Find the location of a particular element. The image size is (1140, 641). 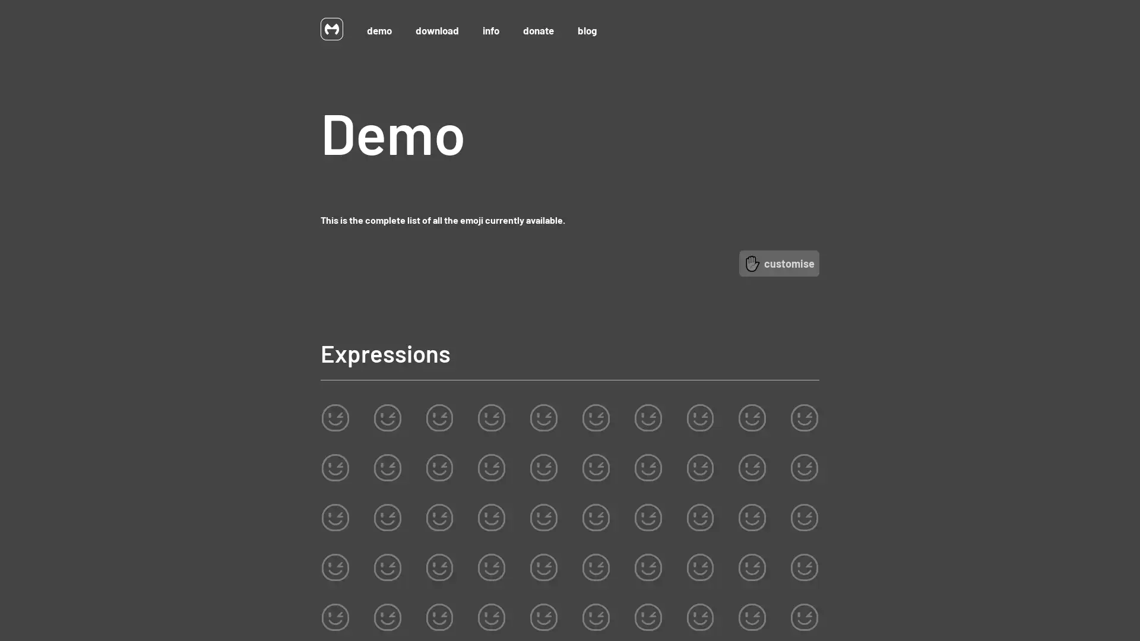

customise is located at coordinates (779, 262).